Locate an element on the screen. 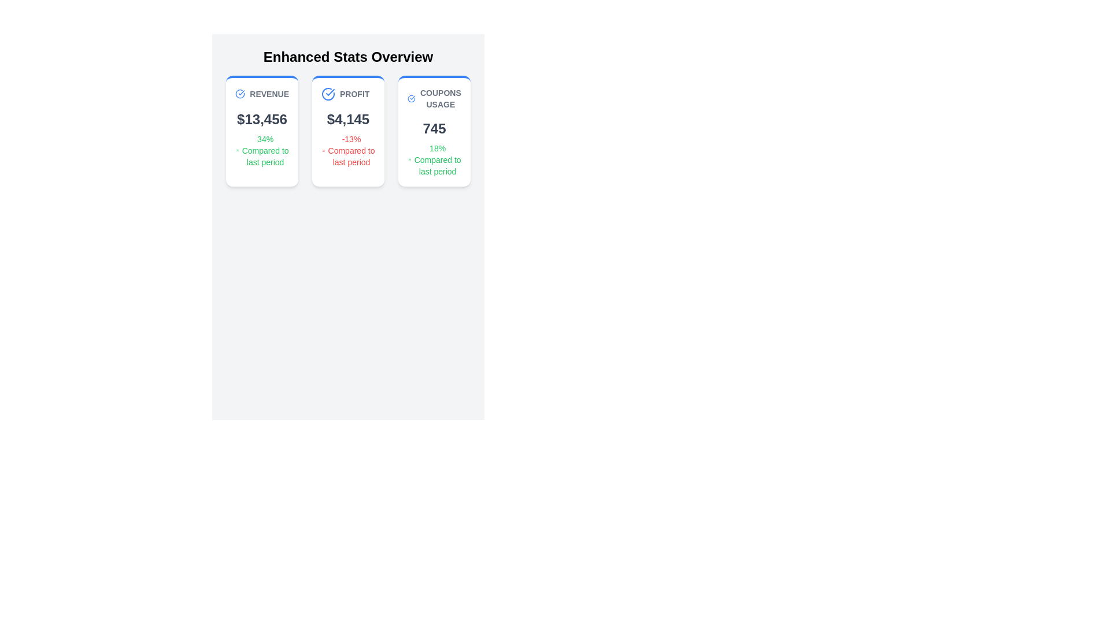 Image resolution: width=1110 pixels, height=624 pixels. the green arrow icon representing progress, located to the left of the text '34% Compared to last period' within the 'REVENUE' card is located at coordinates (236, 150).